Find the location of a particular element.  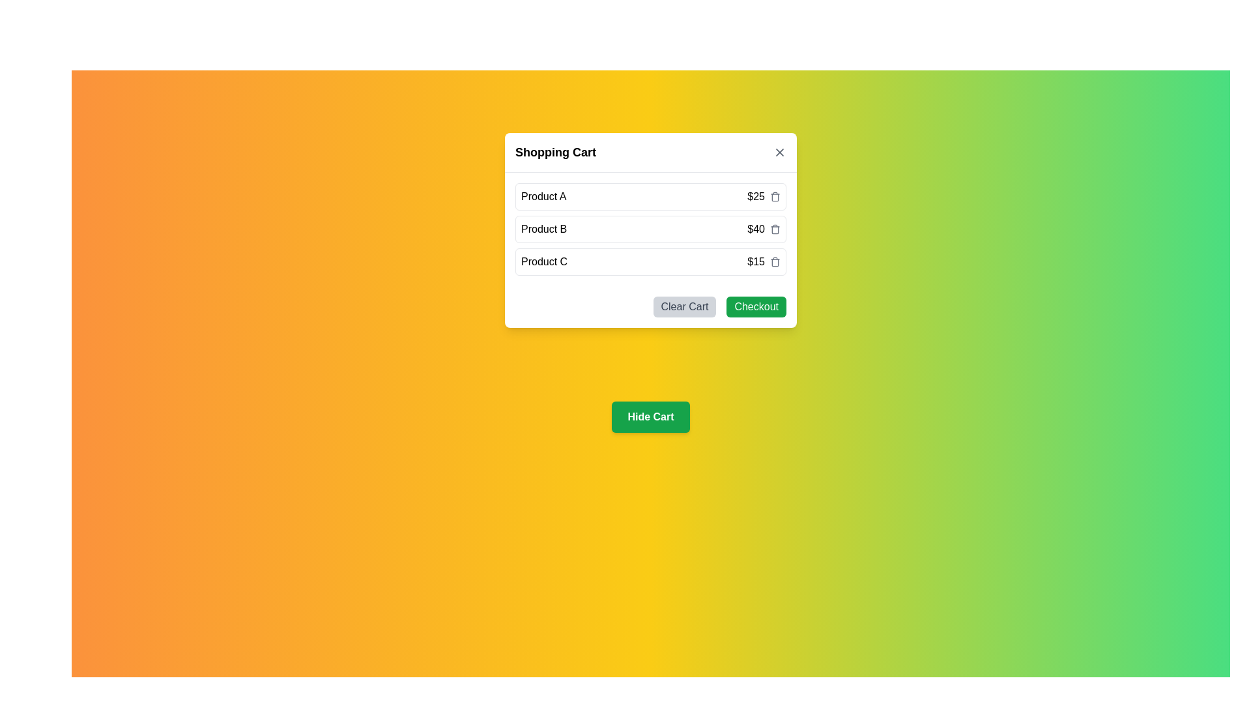

the 'Clear Cart' button, which is a rectangular button with a gray background and dark gray text, positioned at the bottom left of the pop-up shopping cart interface is located at coordinates (684, 306).